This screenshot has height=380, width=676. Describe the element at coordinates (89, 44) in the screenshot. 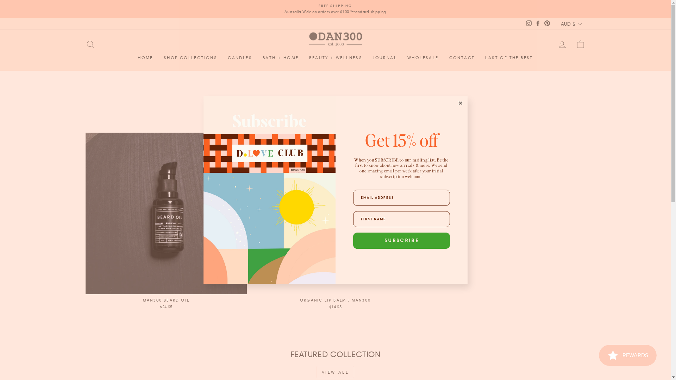

I see `'SEARCH'` at that location.